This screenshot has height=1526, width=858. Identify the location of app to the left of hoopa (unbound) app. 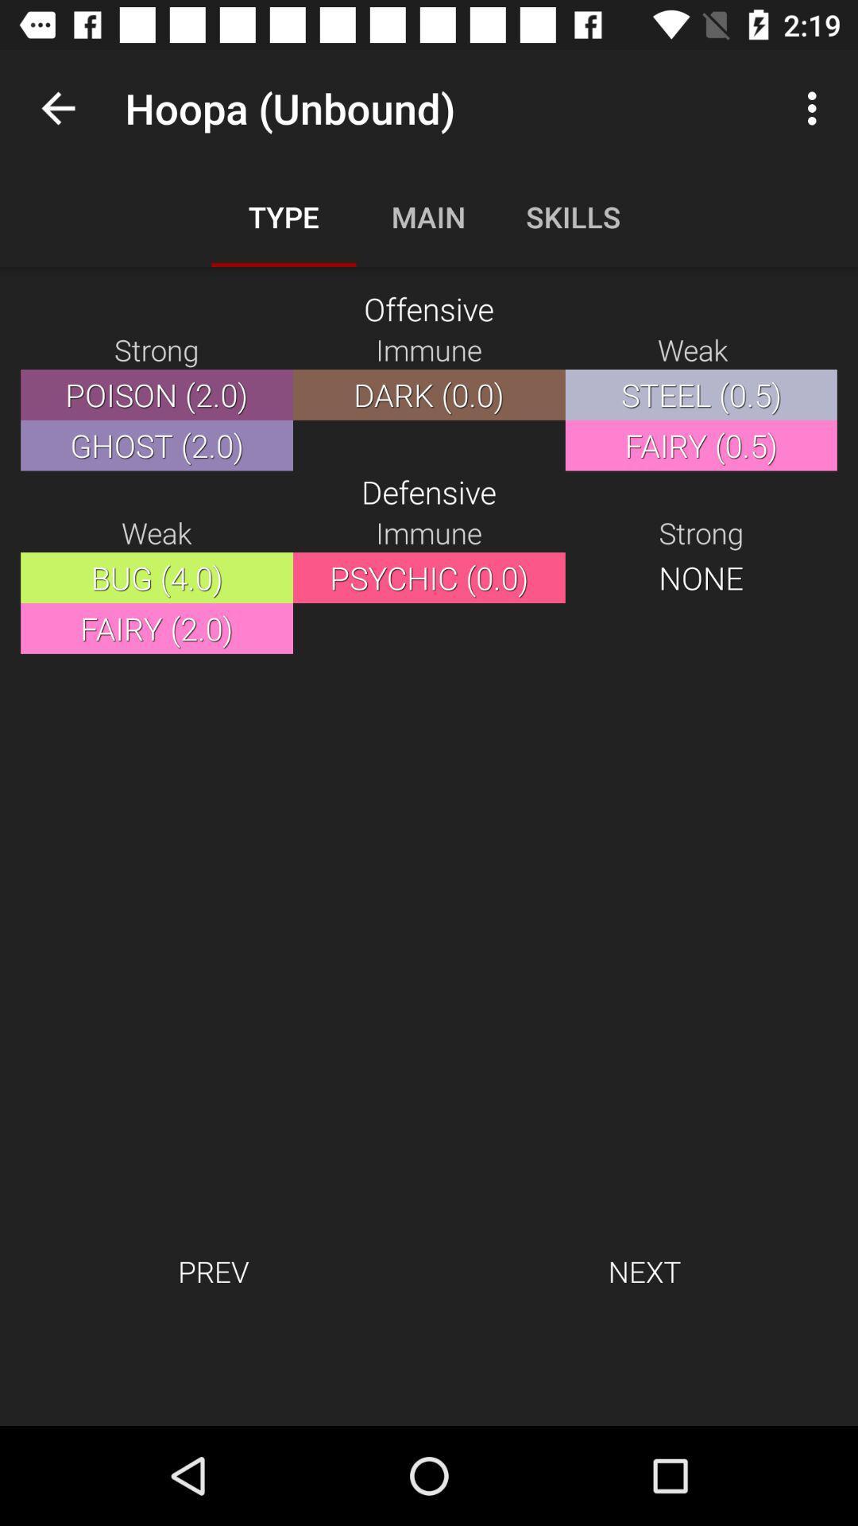
(57, 107).